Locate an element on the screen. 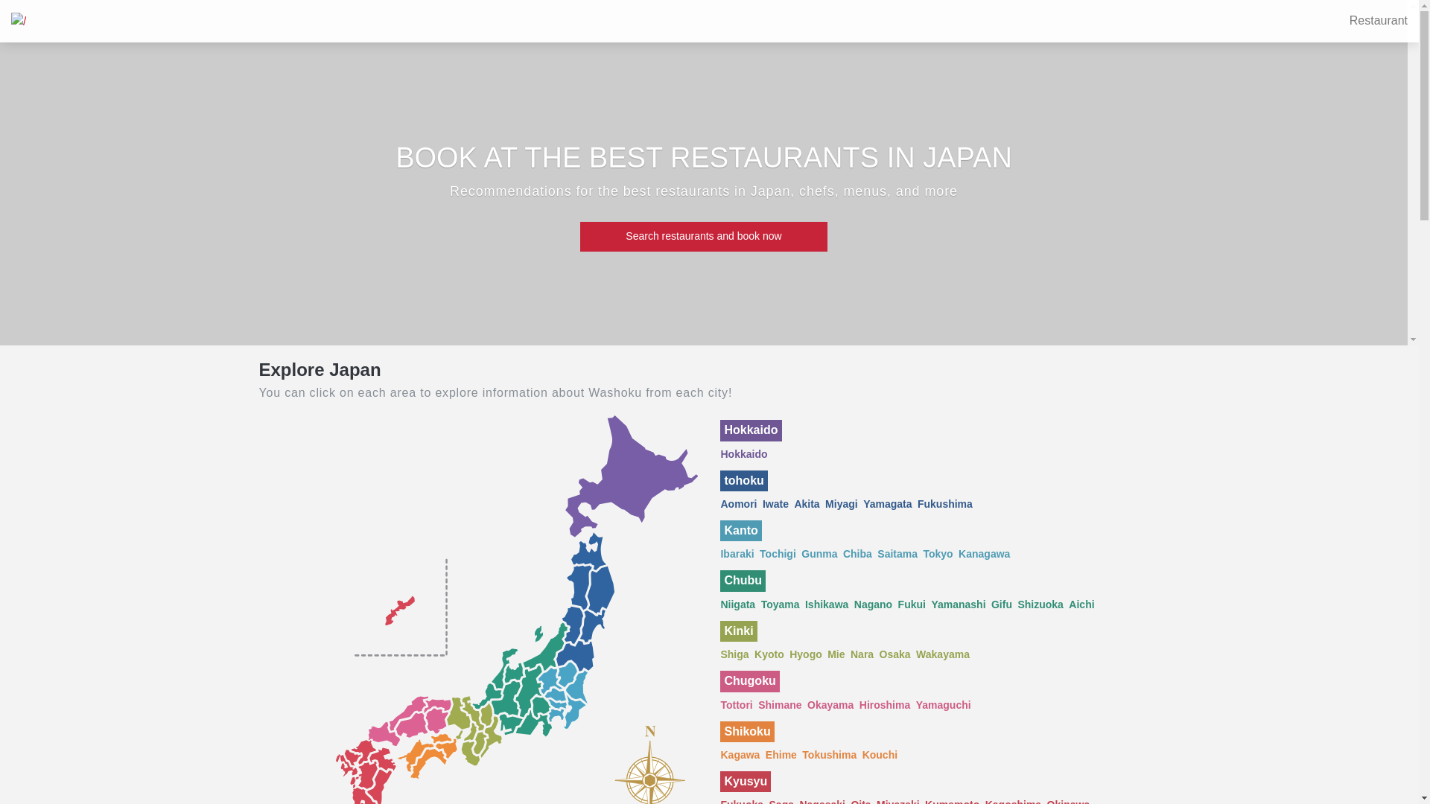  'Ibaraki' is located at coordinates (737, 554).